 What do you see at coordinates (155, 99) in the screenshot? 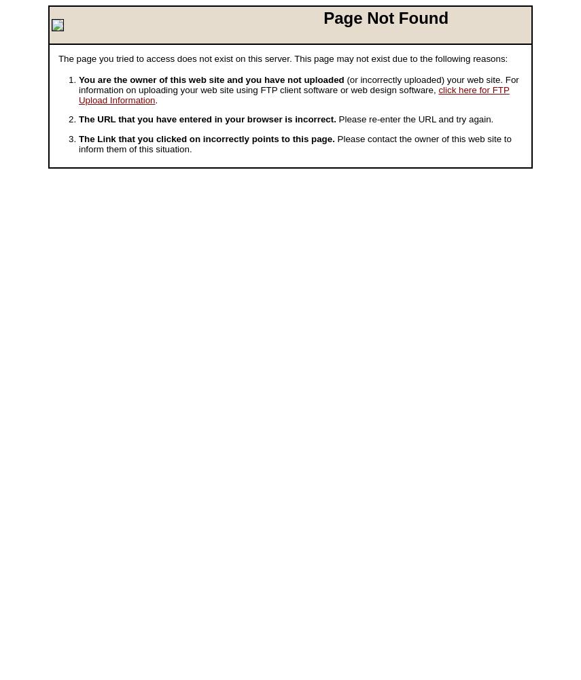
I see `'.'` at bounding box center [155, 99].